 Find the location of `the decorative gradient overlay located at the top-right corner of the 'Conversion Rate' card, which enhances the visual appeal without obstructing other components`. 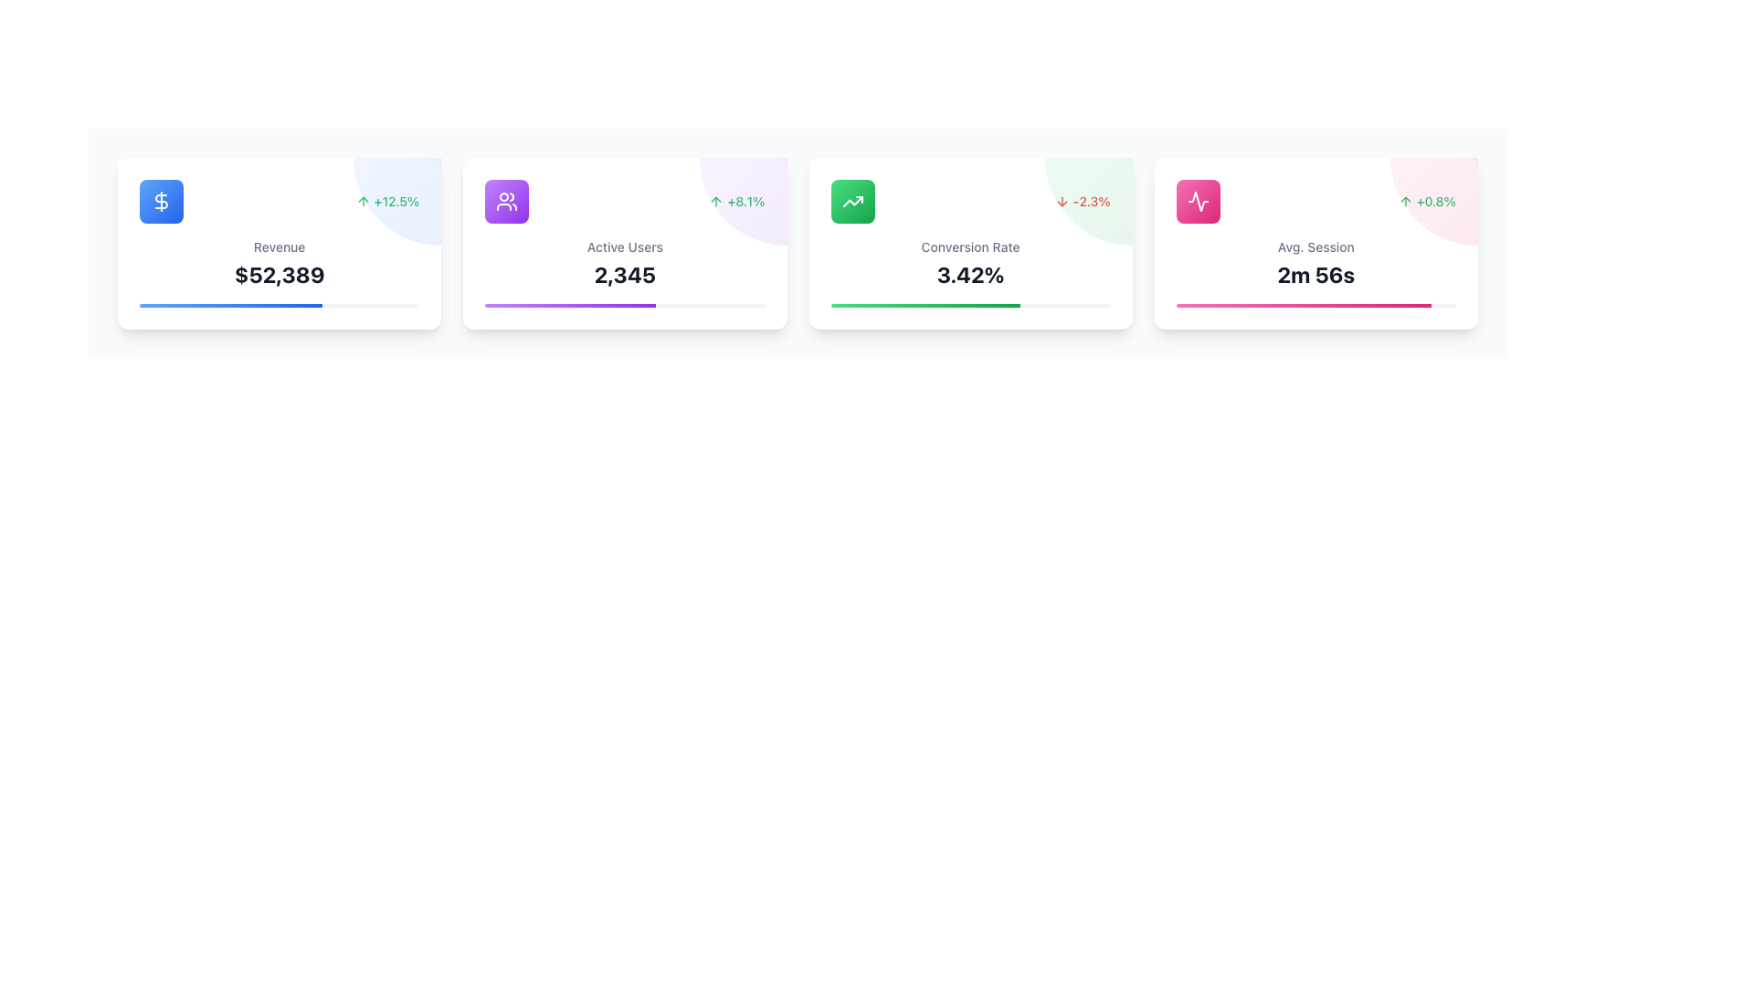

the decorative gradient overlay located at the top-right corner of the 'Conversion Rate' card, which enhances the visual appeal without obstructing other components is located at coordinates (1088, 201).